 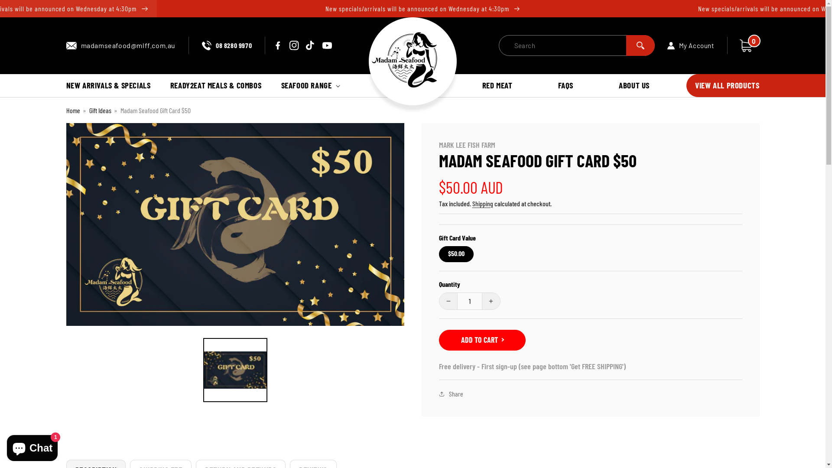 What do you see at coordinates (727, 85) in the screenshot?
I see `'VIEW ALL PRODUCTS'` at bounding box center [727, 85].